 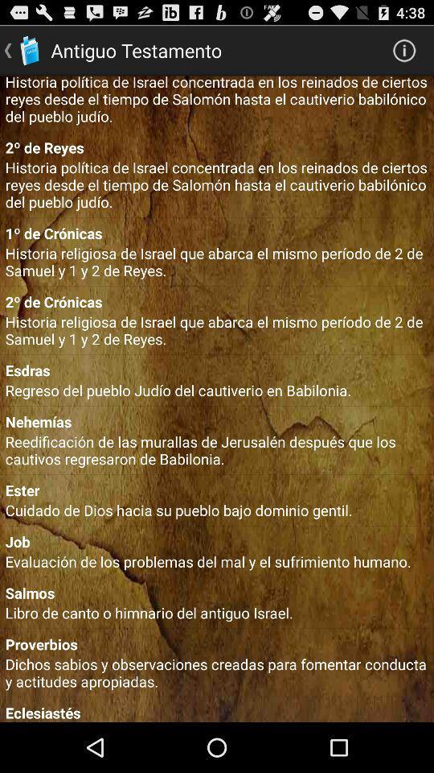 What do you see at coordinates (217, 612) in the screenshot?
I see `libro de canto icon` at bounding box center [217, 612].